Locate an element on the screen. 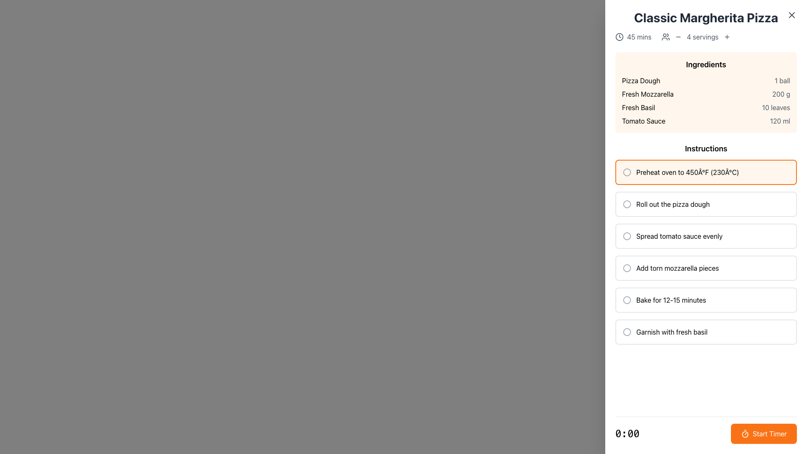  displayed timer value from the Timer with Control Button element, which features a timer display on the left and a 'Start Timer' button on the right is located at coordinates (706, 434).